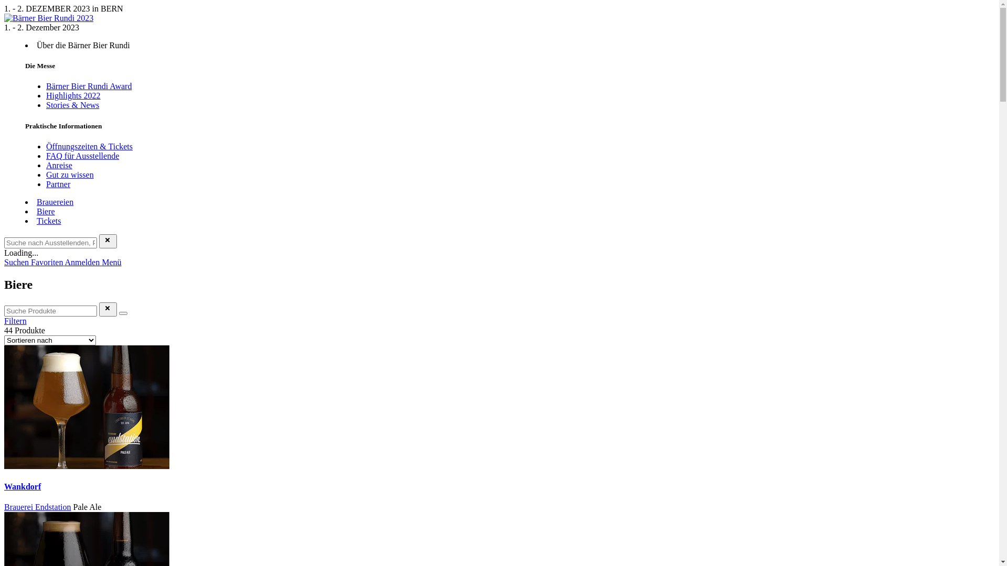 The width and height of the screenshot is (1007, 566). I want to click on 'Gut zu wissen', so click(45, 174).